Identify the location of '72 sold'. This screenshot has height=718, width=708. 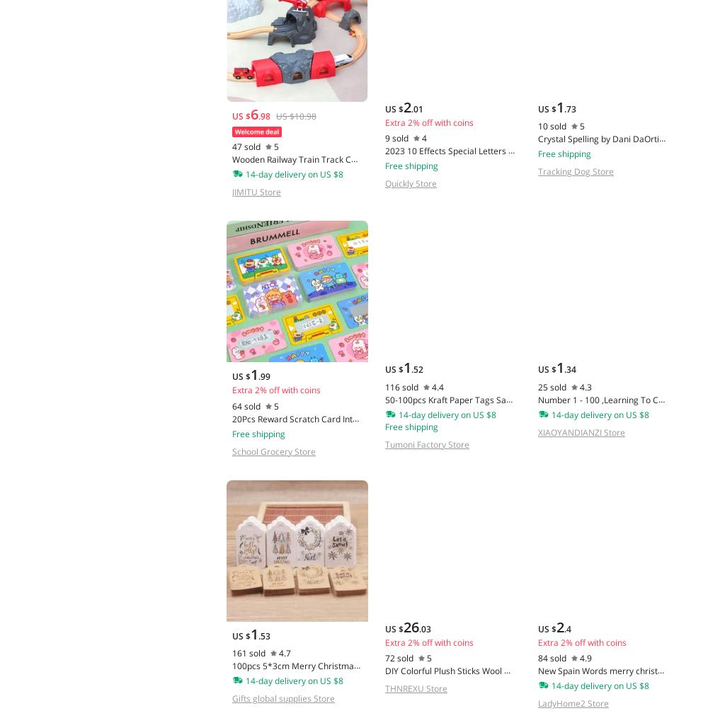
(398, 657).